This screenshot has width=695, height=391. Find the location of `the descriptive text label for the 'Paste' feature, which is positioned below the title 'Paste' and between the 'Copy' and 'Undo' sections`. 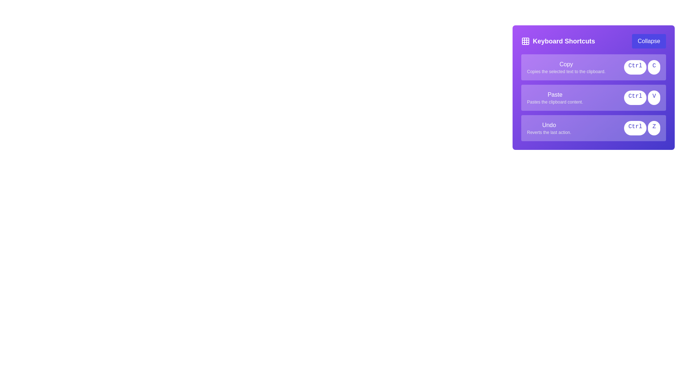

the descriptive text label for the 'Paste' feature, which is positioned below the title 'Paste' and between the 'Copy' and 'Undo' sections is located at coordinates (555, 102).